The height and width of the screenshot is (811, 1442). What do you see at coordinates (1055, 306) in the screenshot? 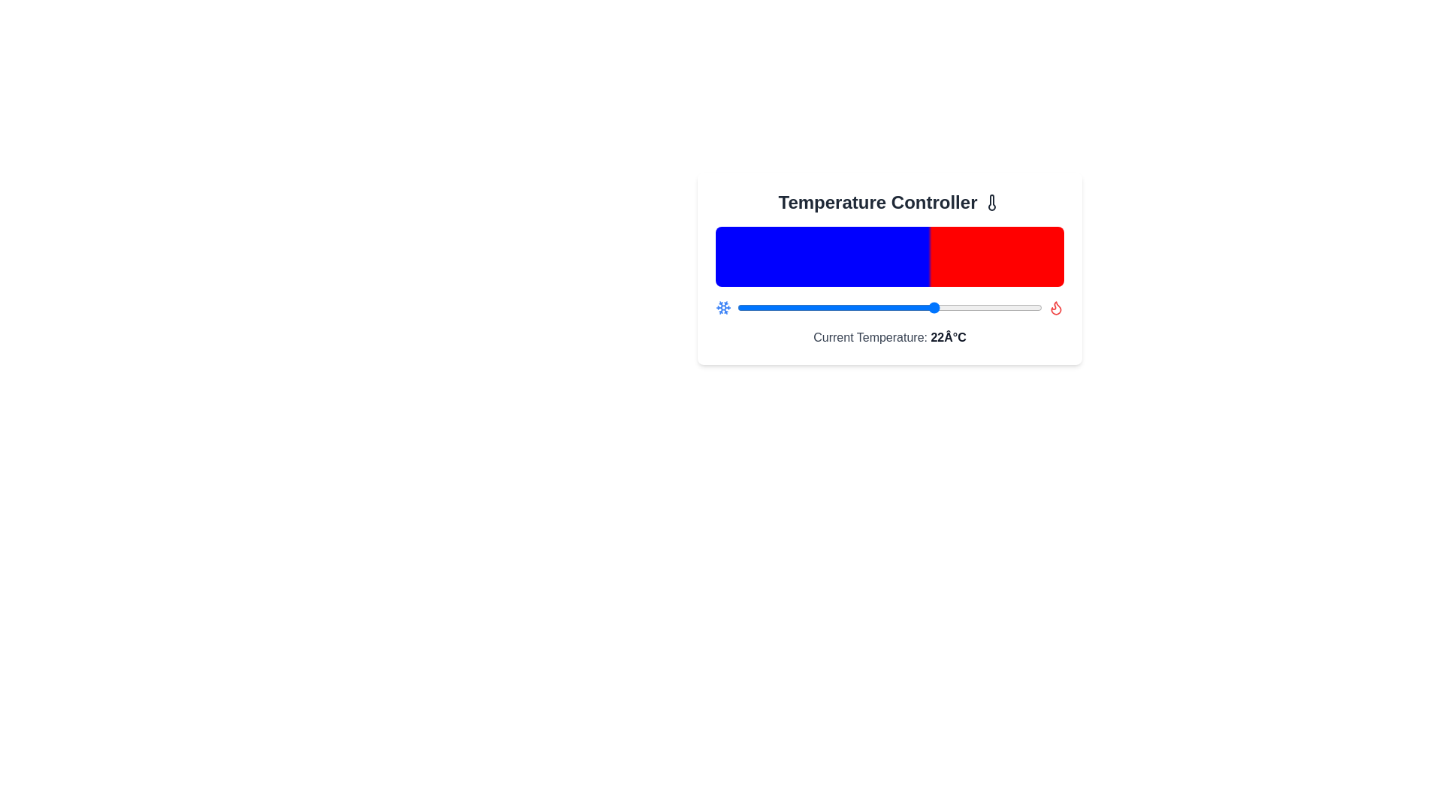
I see `the flame icon to interact with it` at bounding box center [1055, 306].